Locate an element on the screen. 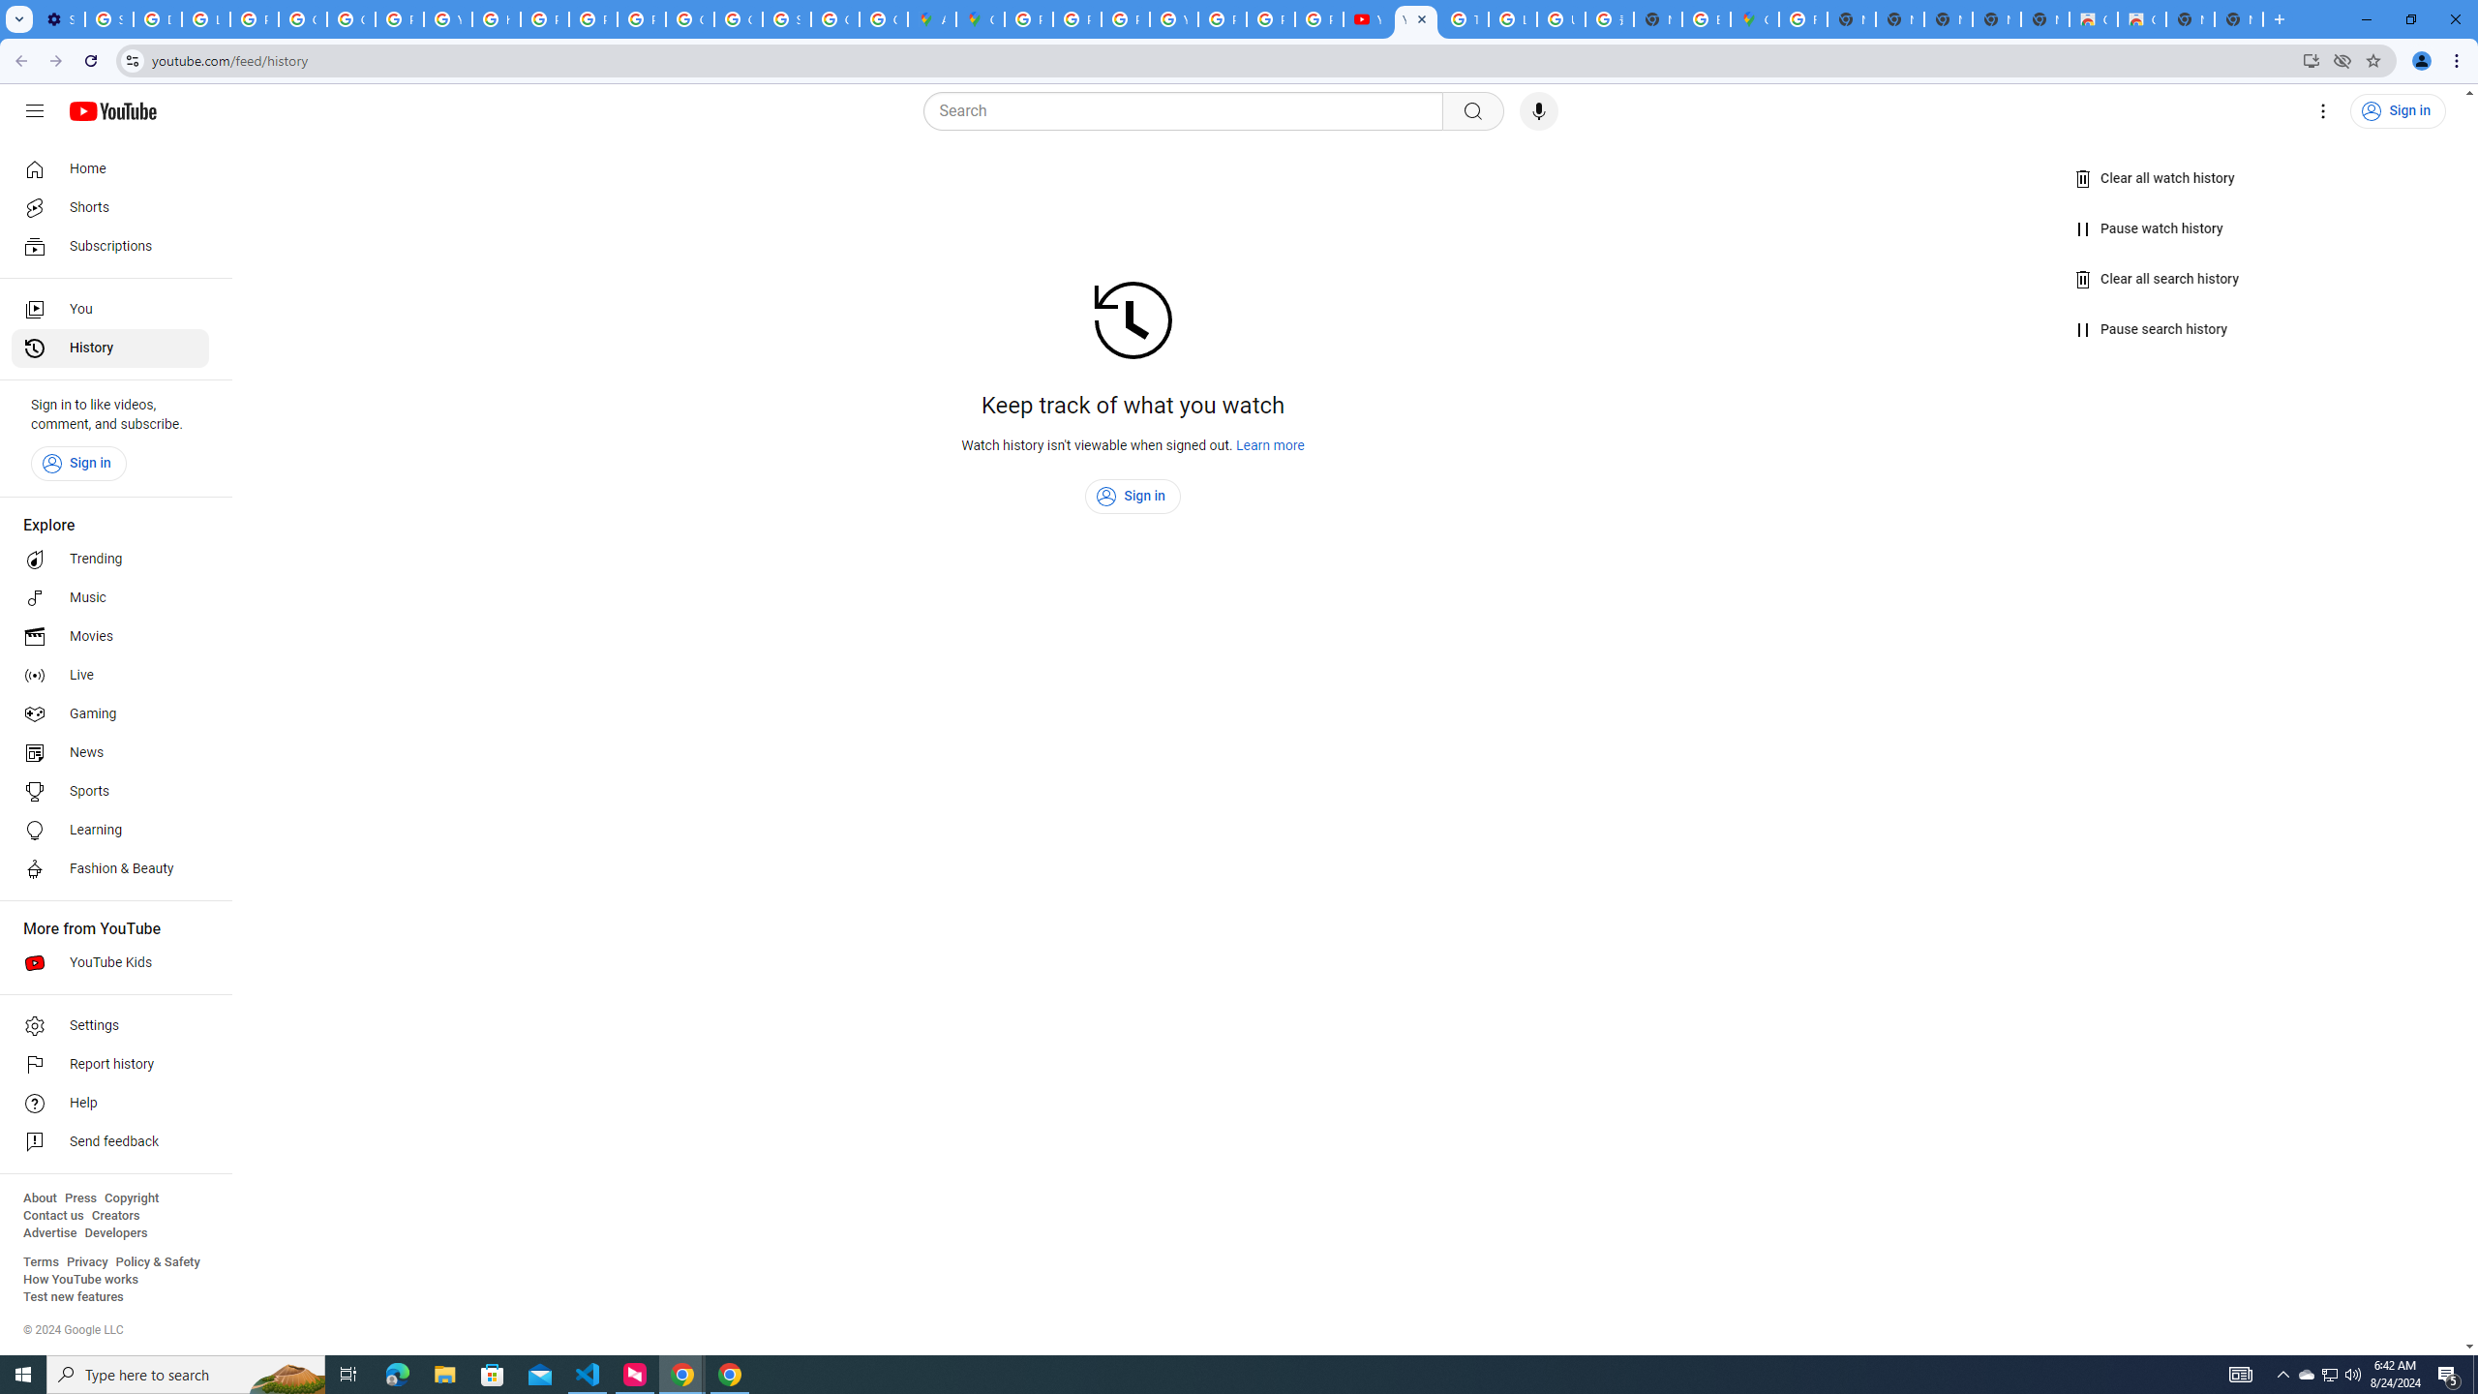 This screenshot has height=1394, width=2478. 'Gaming' is located at coordinates (109, 712).